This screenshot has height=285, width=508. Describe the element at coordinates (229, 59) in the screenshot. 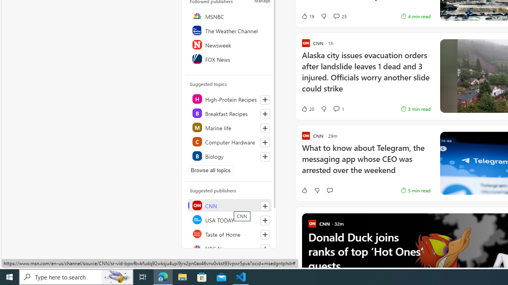

I see `'FOX News'` at that location.